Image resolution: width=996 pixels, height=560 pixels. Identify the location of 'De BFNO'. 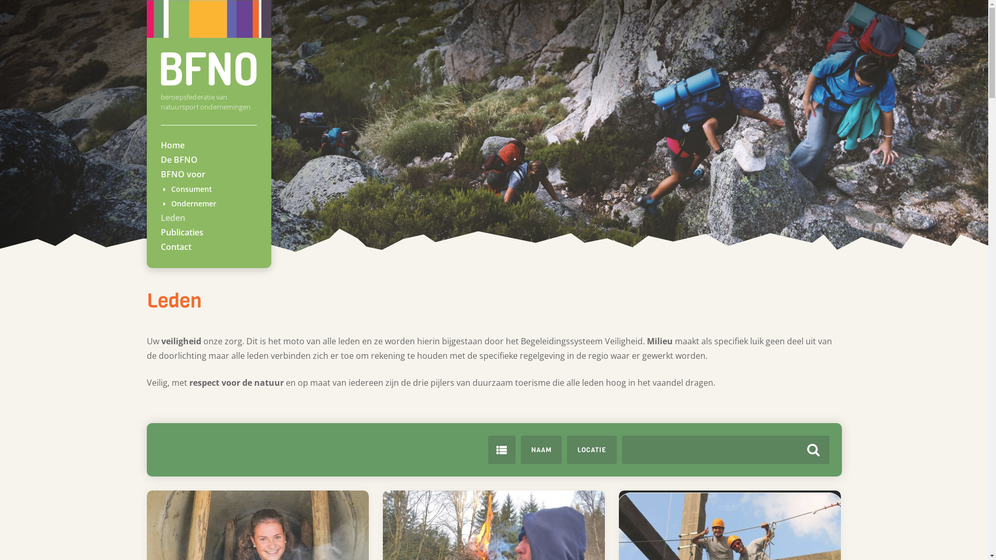
(179, 160).